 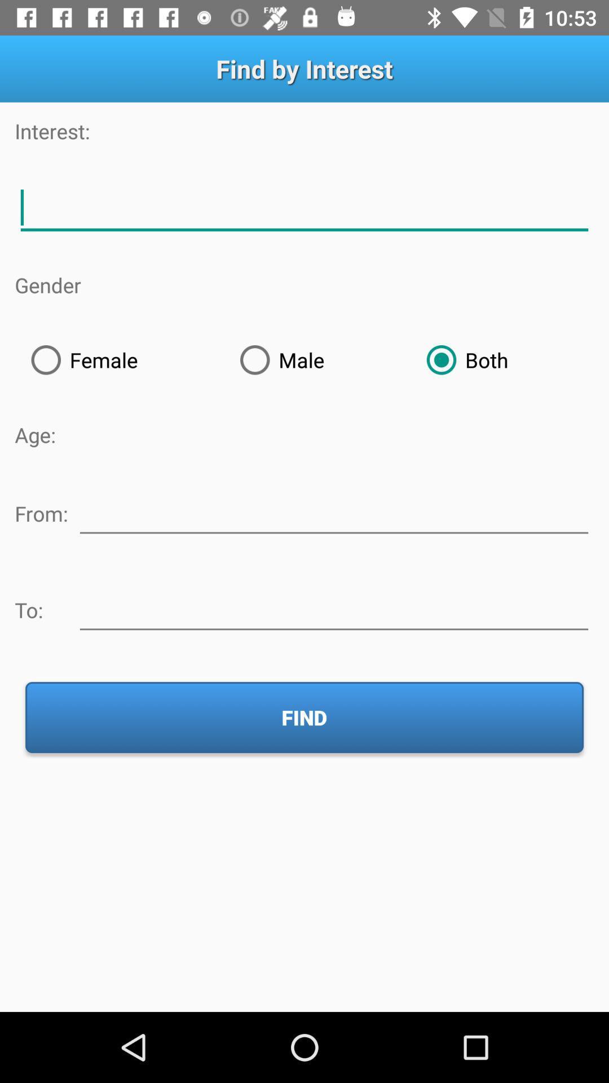 What do you see at coordinates (304, 208) in the screenshot?
I see `description of interest` at bounding box center [304, 208].